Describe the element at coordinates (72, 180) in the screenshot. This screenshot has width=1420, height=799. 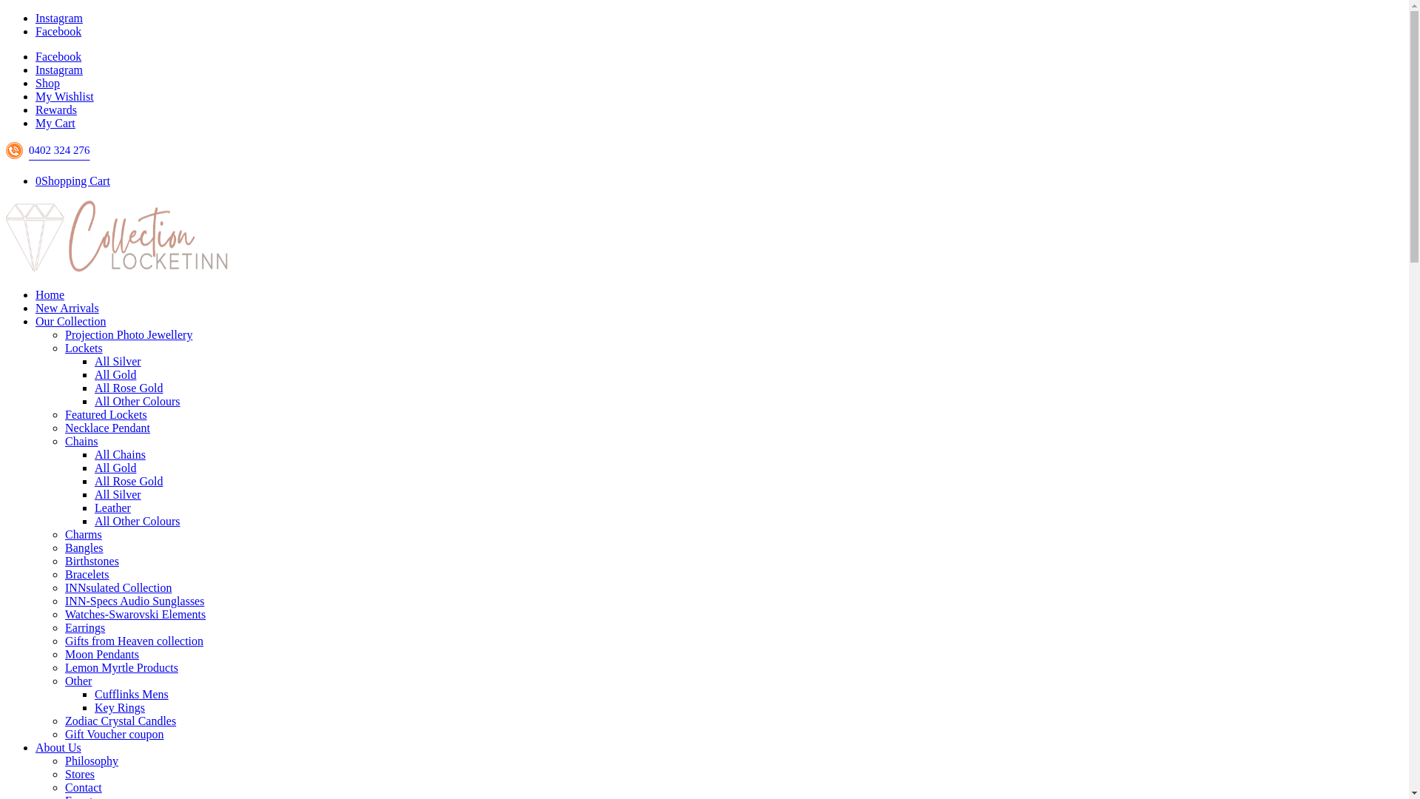
I see `'0Shopping Cart'` at that location.